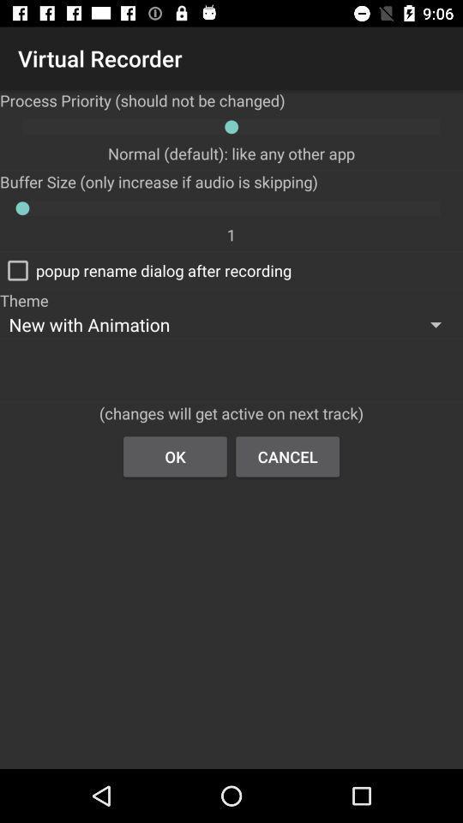 Image resolution: width=463 pixels, height=823 pixels. Describe the element at coordinates (174, 455) in the screenshot. I see `ok button` at that location.